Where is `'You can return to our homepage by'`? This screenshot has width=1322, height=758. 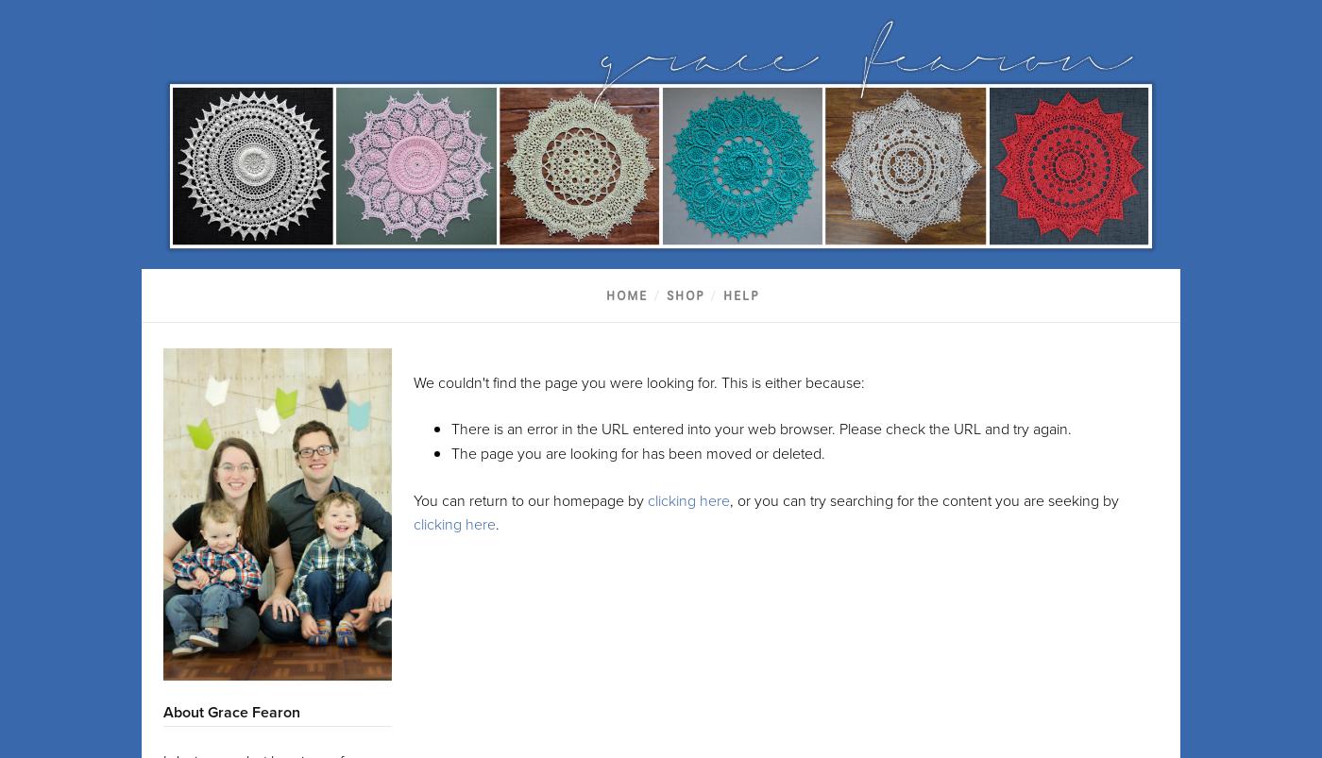
'You can return to our homepage by' is located at coordinates (530, 498).